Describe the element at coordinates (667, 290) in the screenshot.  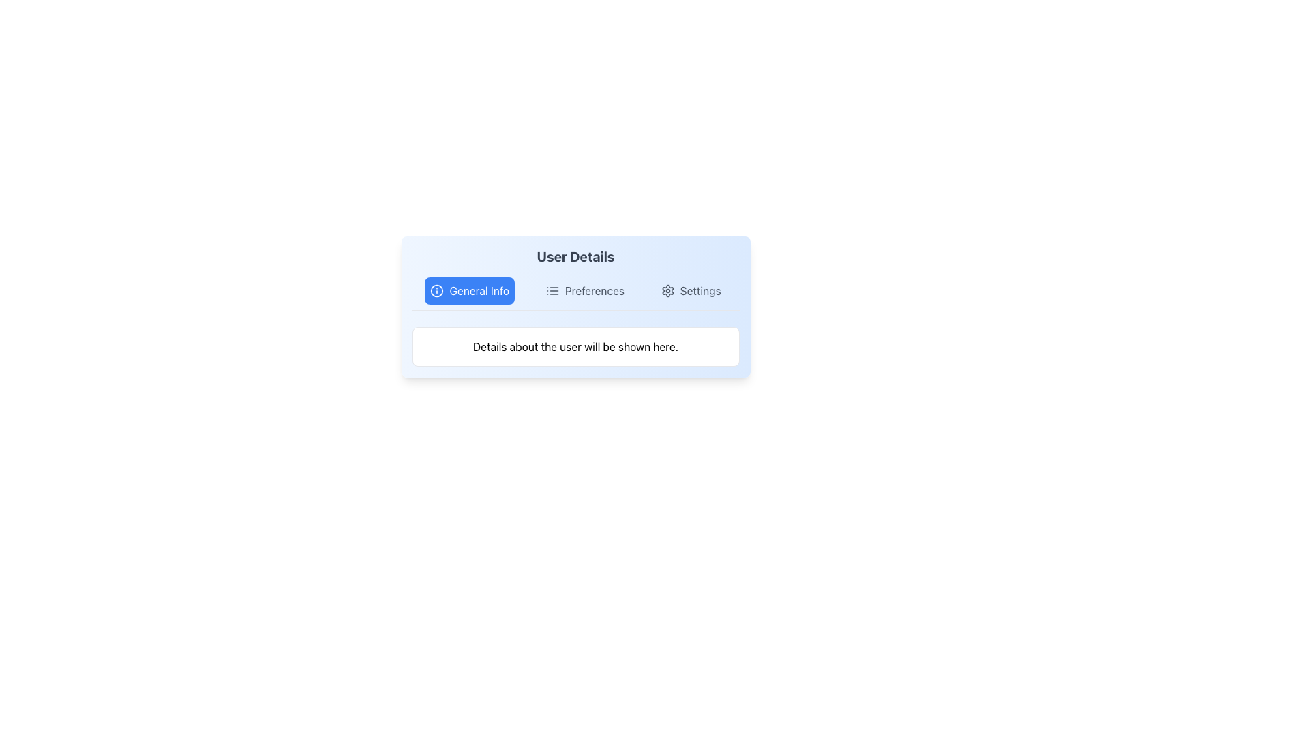
I see `the settings gear icon located on the right side of the navigation bar at the top of the card` at that location.